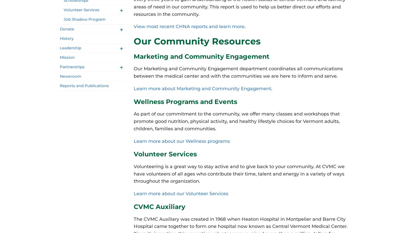 Image resolution: width=409 pixels, height=233 pixels. What do you see at coordinates (71, 48) in the screenshot?
I see `'Leadership'` at bounding box center [71, 48].